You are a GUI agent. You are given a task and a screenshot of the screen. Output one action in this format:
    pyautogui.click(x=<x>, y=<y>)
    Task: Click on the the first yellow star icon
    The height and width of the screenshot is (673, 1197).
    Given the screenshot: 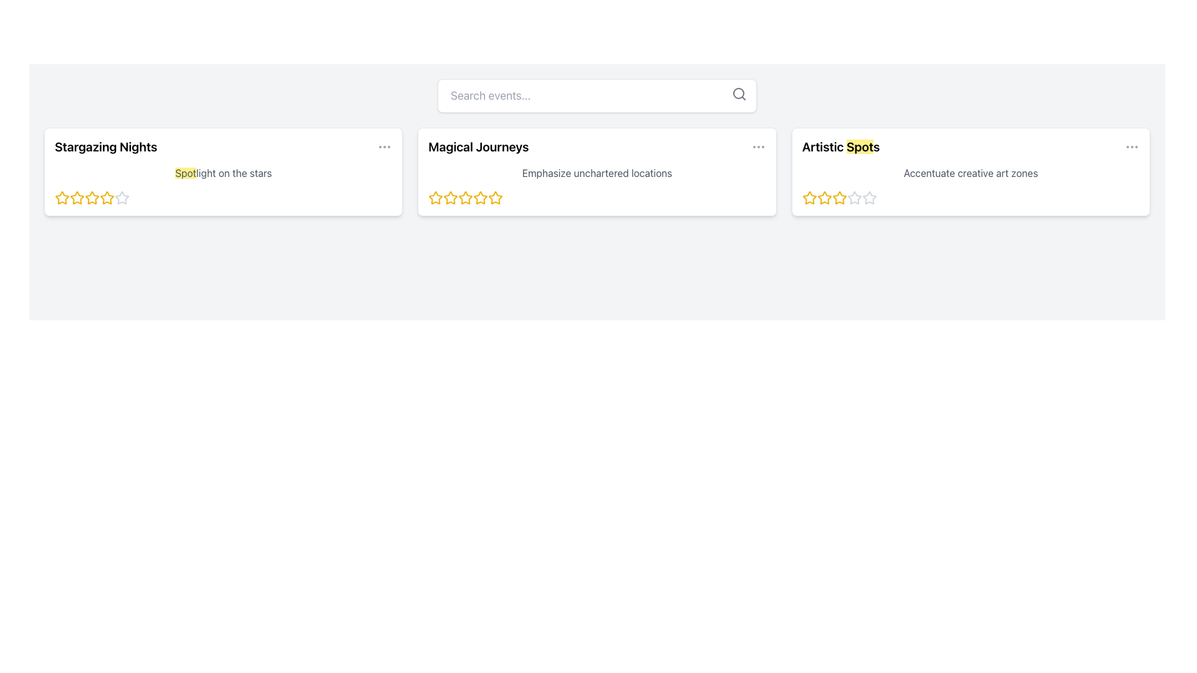 What is the action you would take?
    pyautogui.click(x=436, y=197)
    